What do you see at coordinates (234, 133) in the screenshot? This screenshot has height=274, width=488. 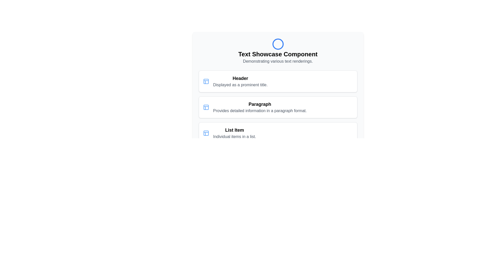 I see `displayed text in the Textual Content Block that contains 'List Item' and 'Individual items in a list.' It is the third item in the vertical list of sections labeled 'Text Showcase Component.'` at bounding box center [234, 133].